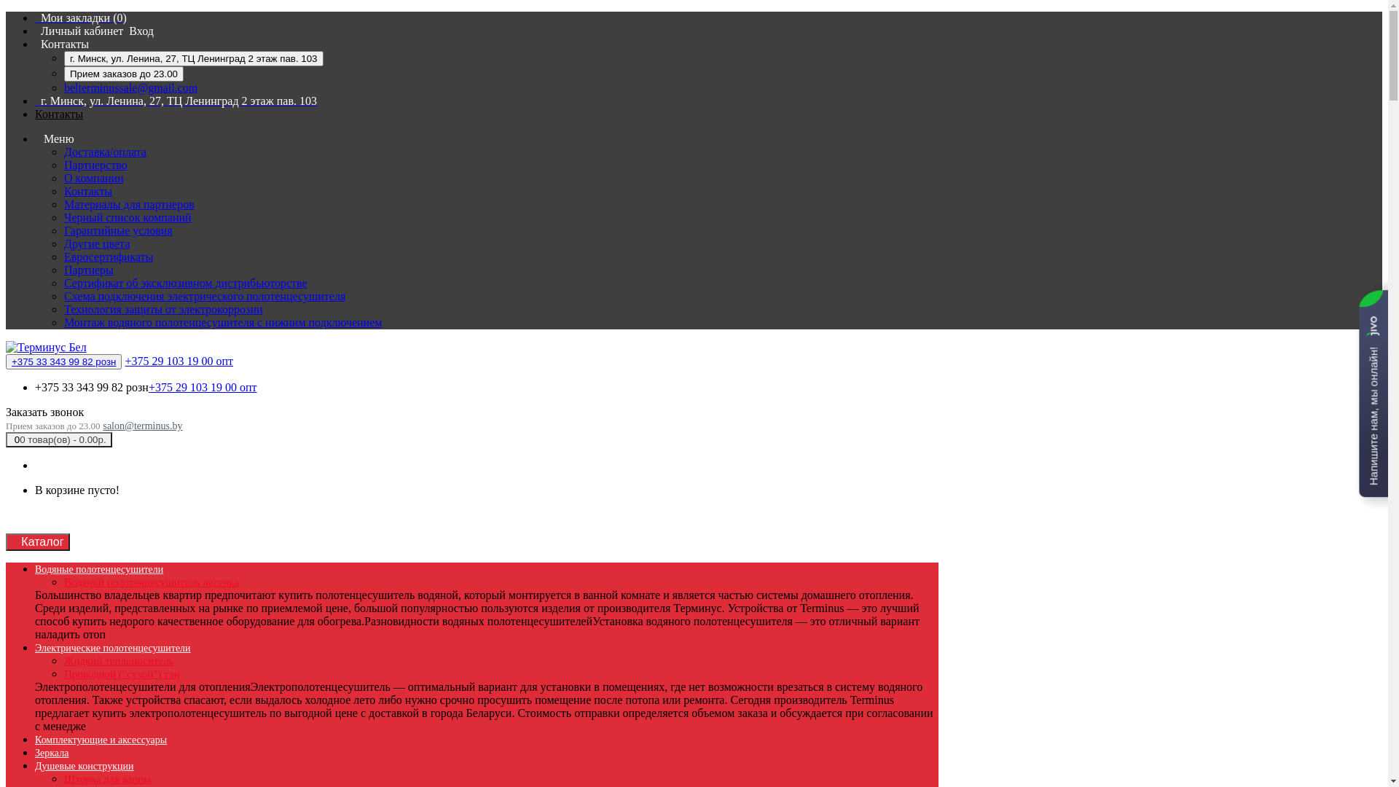  I want to click on 'salon@terminus.by', so click(142, 426).